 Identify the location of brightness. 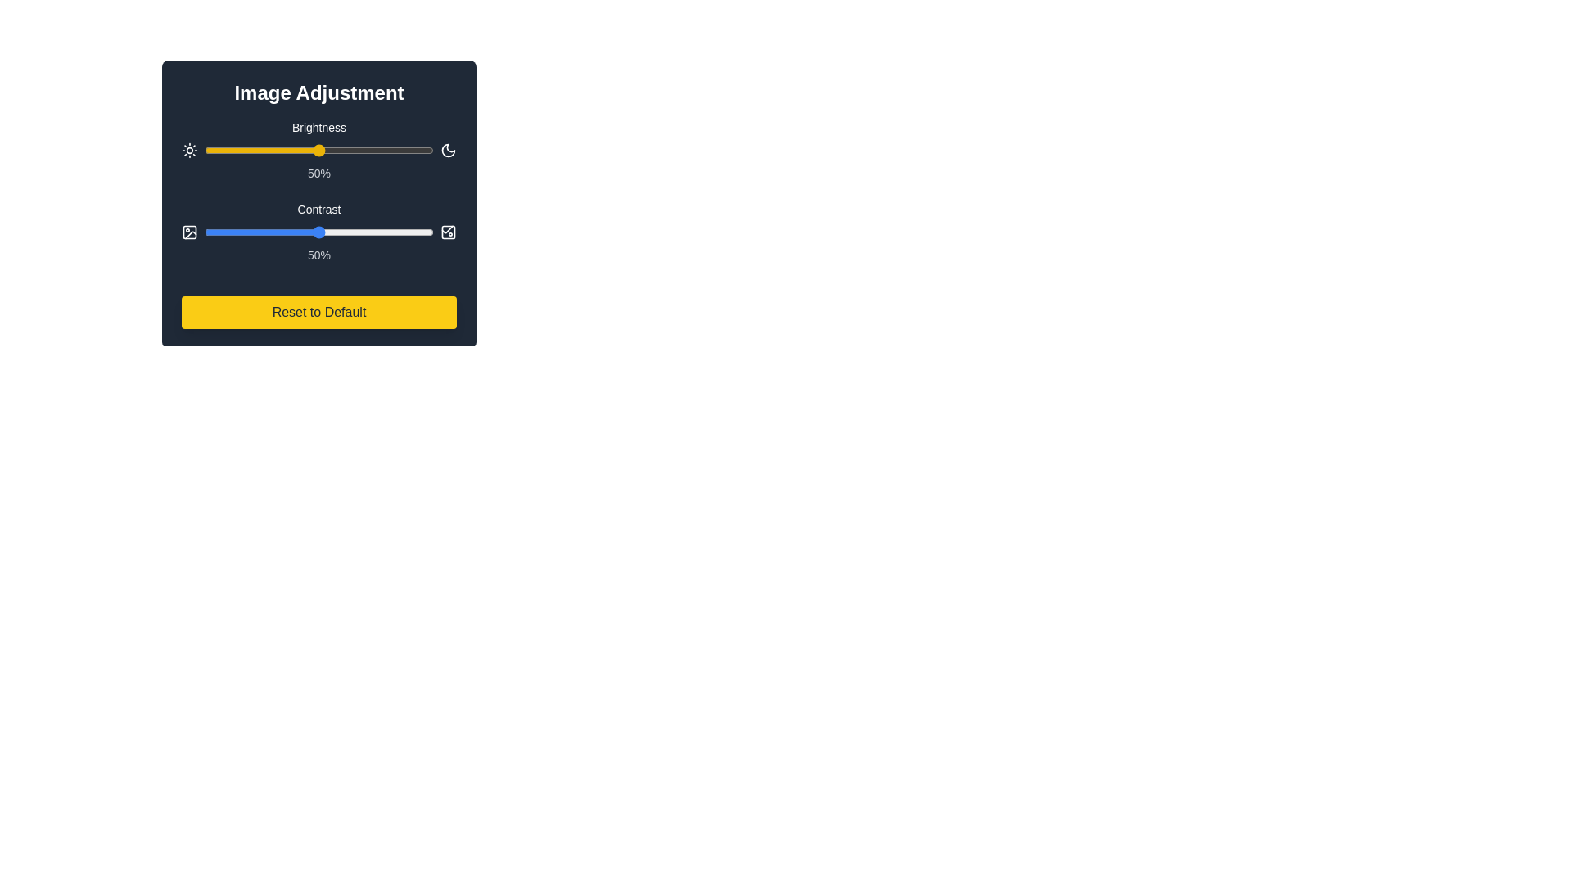
(350, 151).